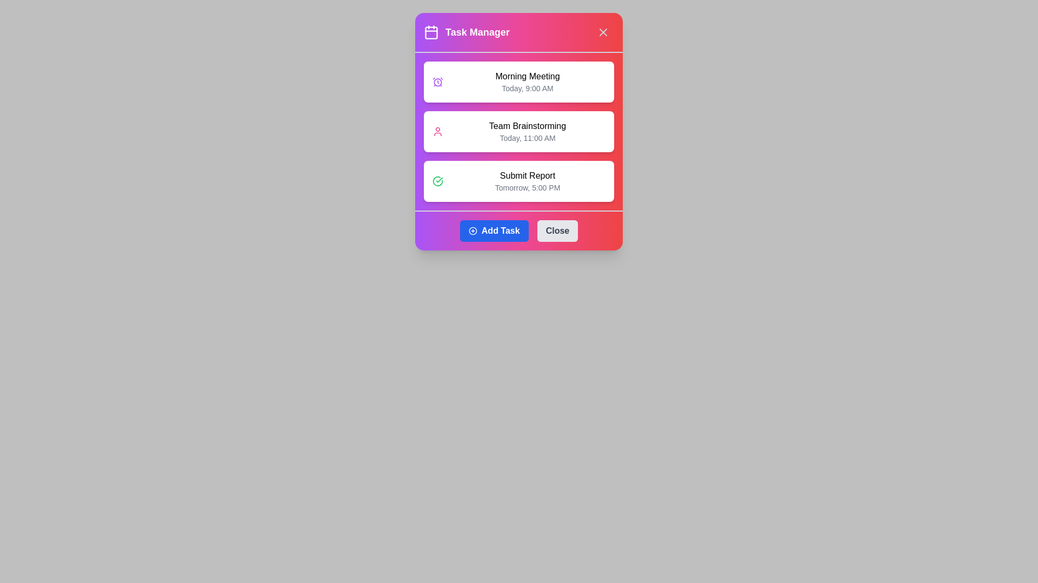  Describe the element at coordinates (438, 180) in the screenshot. I see `the circular green icon with a checkmark in the 'Submit Report' section for inspection` at that location.